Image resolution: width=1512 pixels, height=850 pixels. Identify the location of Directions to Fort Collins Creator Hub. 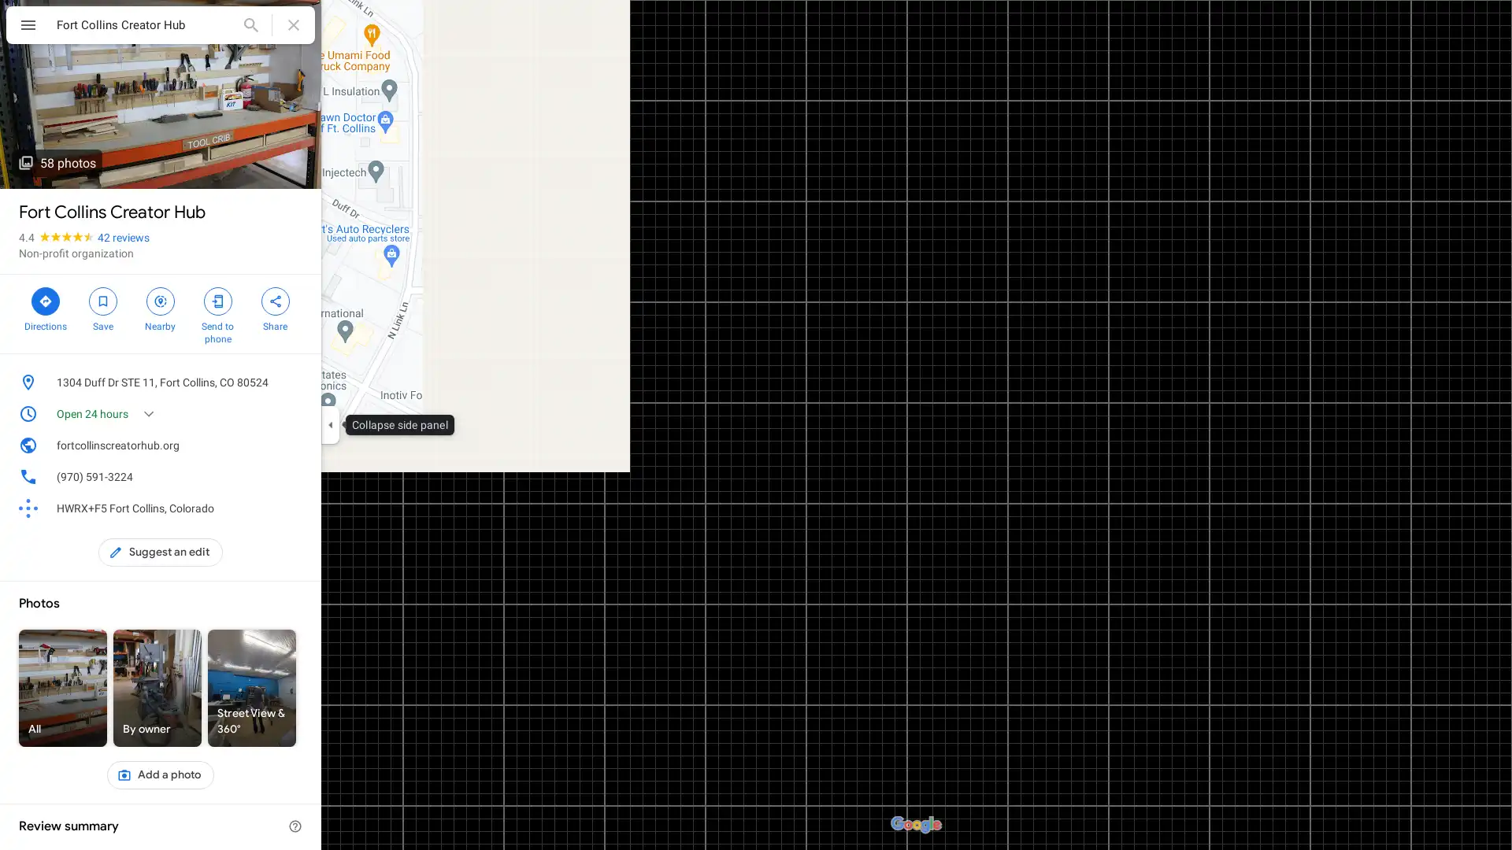
(45, 307).